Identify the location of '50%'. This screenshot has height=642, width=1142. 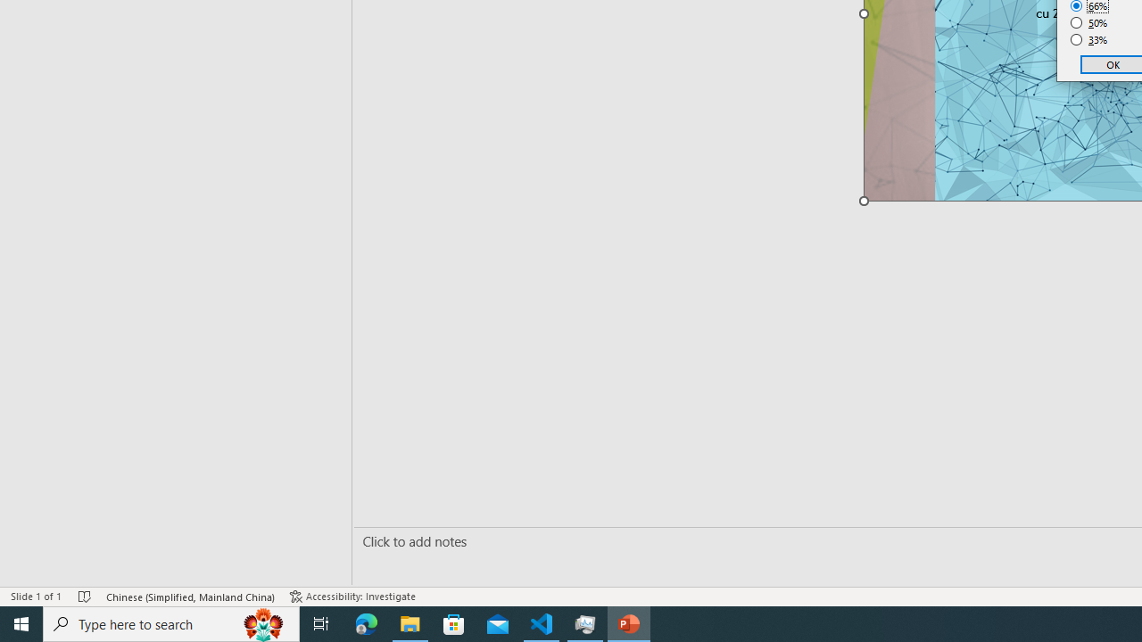
(1088, 22).